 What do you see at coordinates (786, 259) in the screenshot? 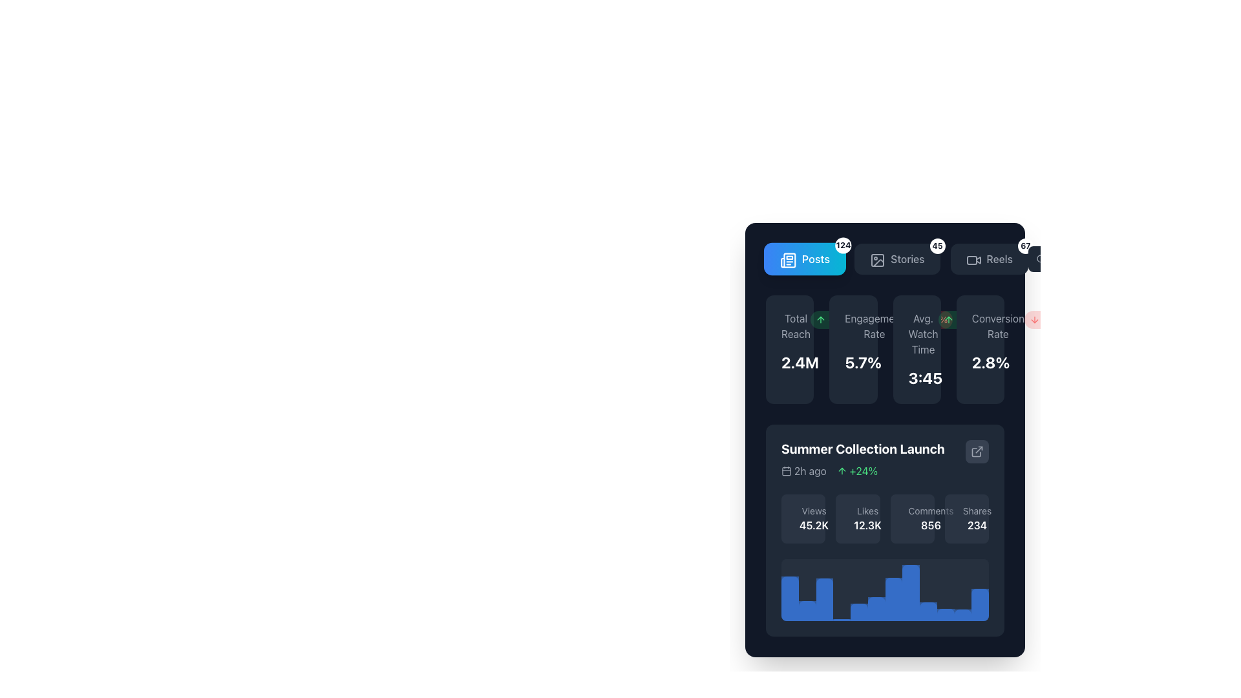
I see `the icon featuring a simplified newspaper design, which is styled with a blue and cyan gradient background and located to the left of the 'Posts' text and near the counter '124'` at bounding box center [786, 259].